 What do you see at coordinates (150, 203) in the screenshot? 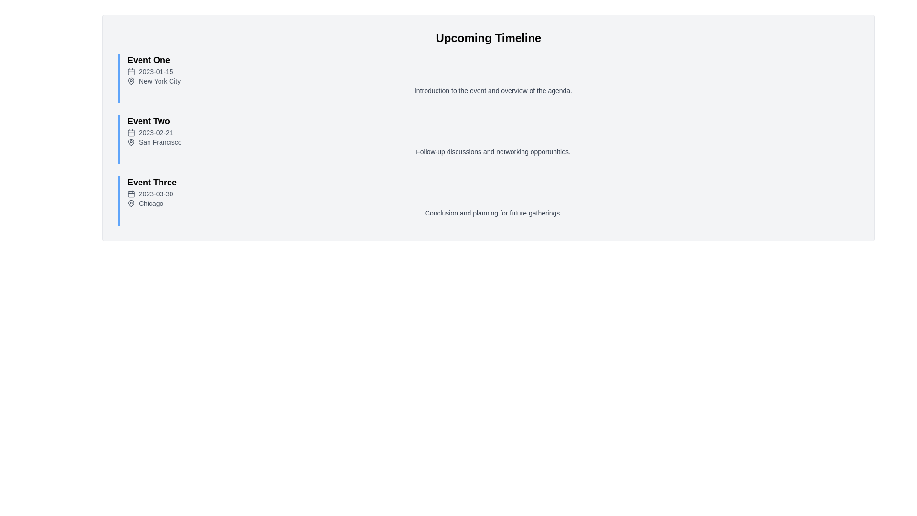
I see `the Text Label that indicates the city associated with 'Event Three', positioned below 'Event Two' and next to a pin-shaped icon` at bounding box center [150, 203].